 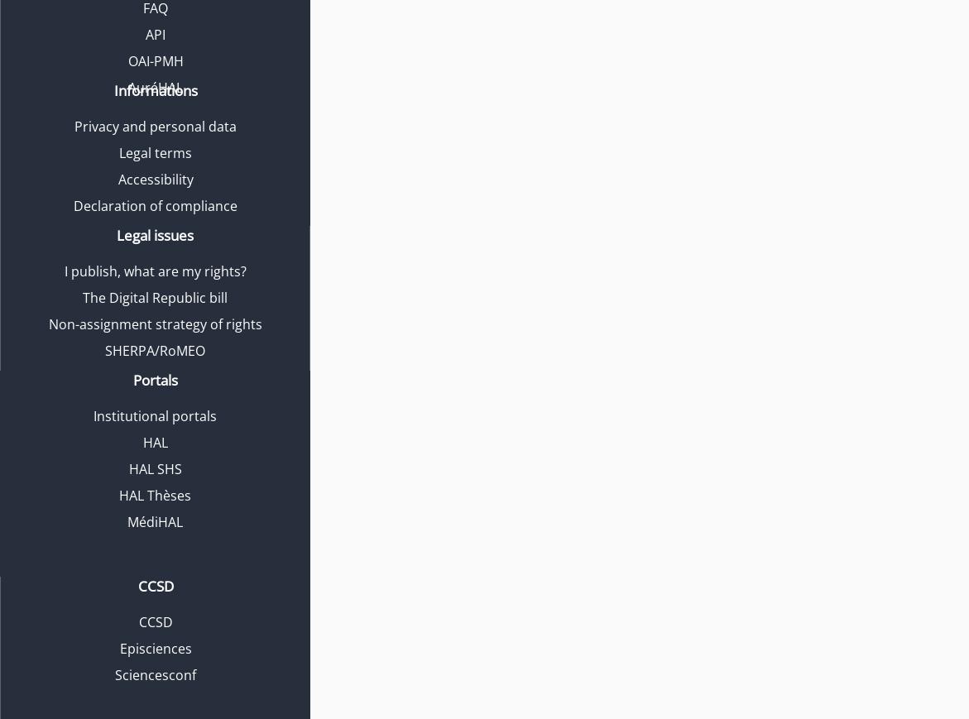 What do you see at coordinates (154, 649) in the screenshot?
I see `'Episciences'` at bounding box center [154, 649].